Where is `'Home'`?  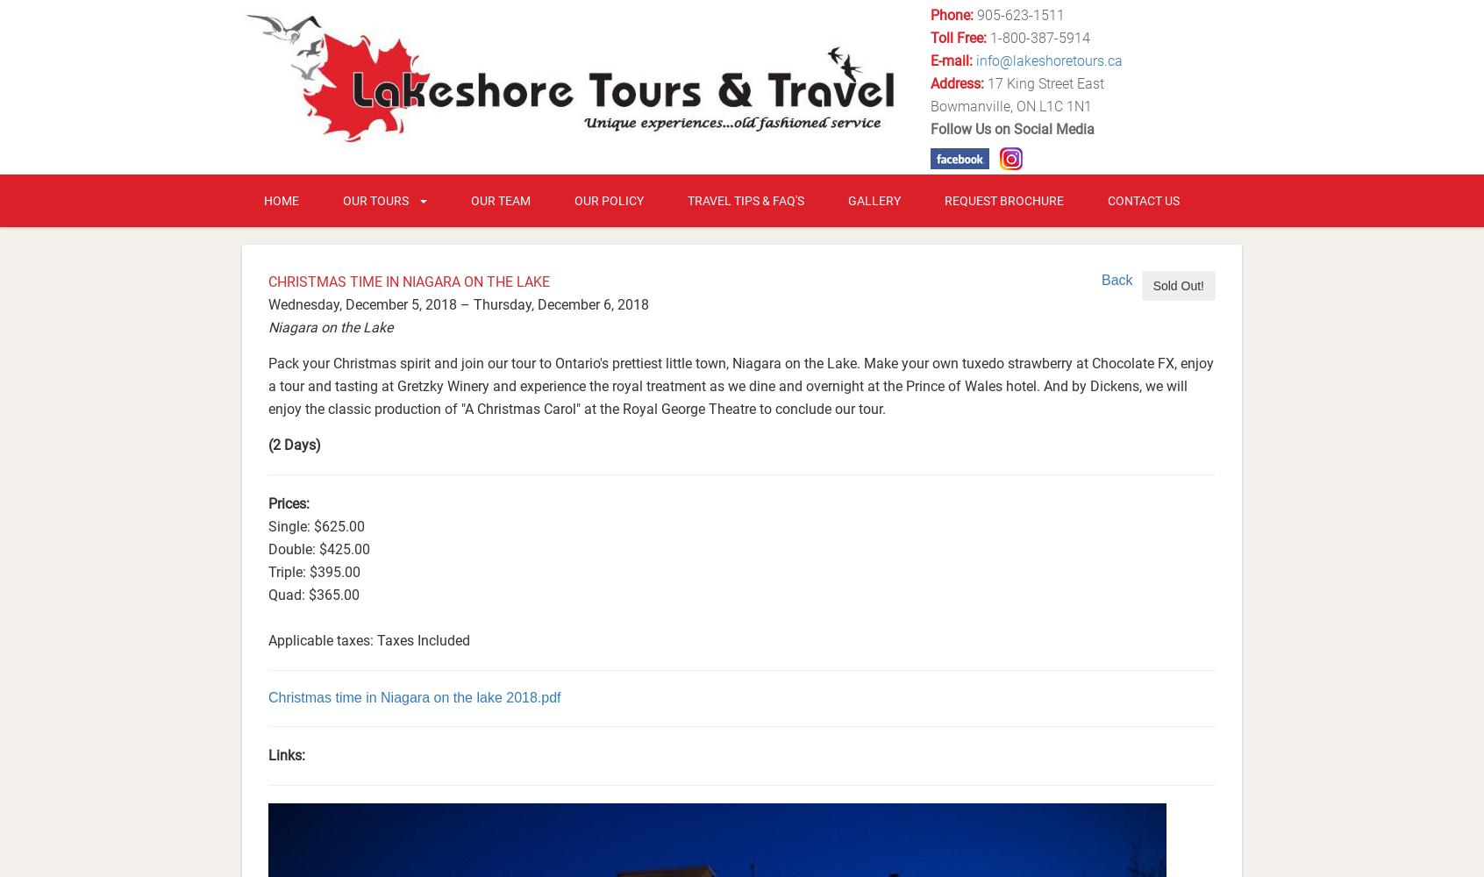 'Home' is located at coordinates (280, 199).